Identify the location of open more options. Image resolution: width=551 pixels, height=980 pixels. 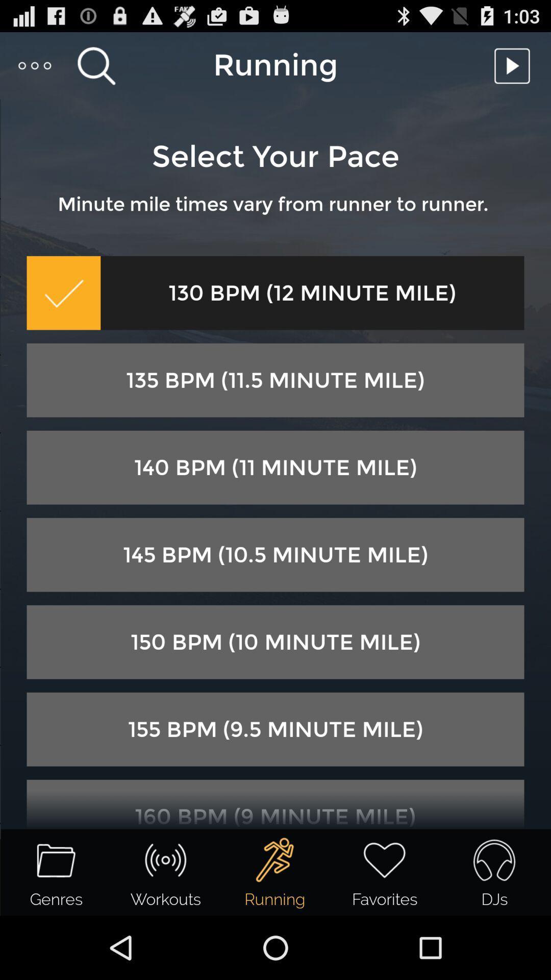
(35, 65).